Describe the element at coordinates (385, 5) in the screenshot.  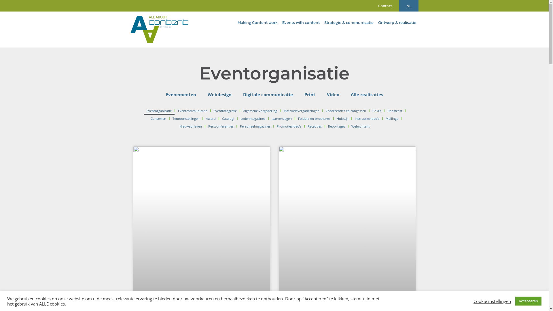
I see `'Contact'` at that location.